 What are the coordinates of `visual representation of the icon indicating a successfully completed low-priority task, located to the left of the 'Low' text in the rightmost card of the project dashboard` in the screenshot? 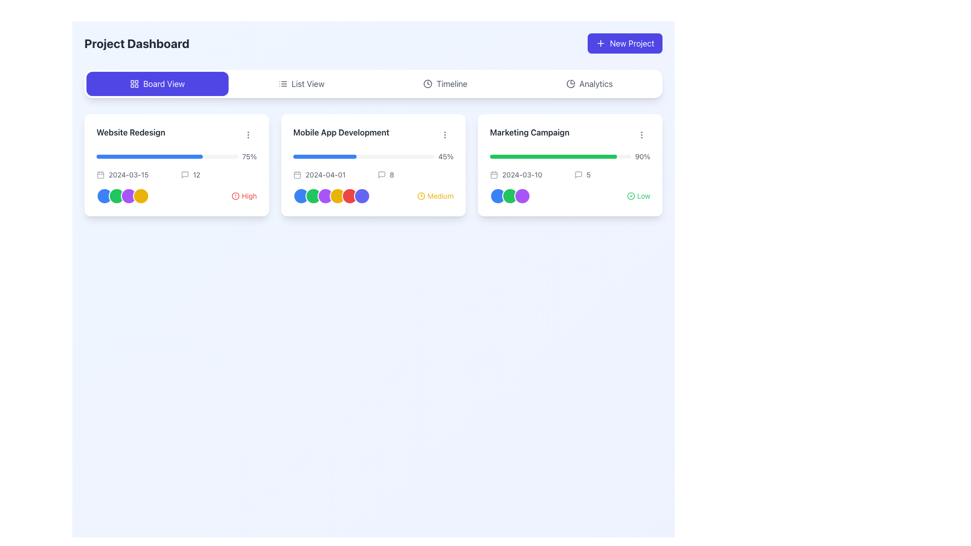 It's located at (631, 196).